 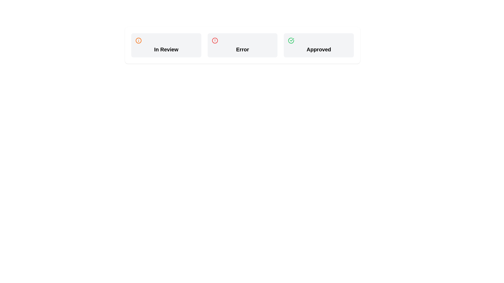 I want to click on the 'Error' text label, which is styled in bold and larger font, centrally aligned in a light gray box, located between 'In Review' and 'Approved', so click(x=242, y=50).